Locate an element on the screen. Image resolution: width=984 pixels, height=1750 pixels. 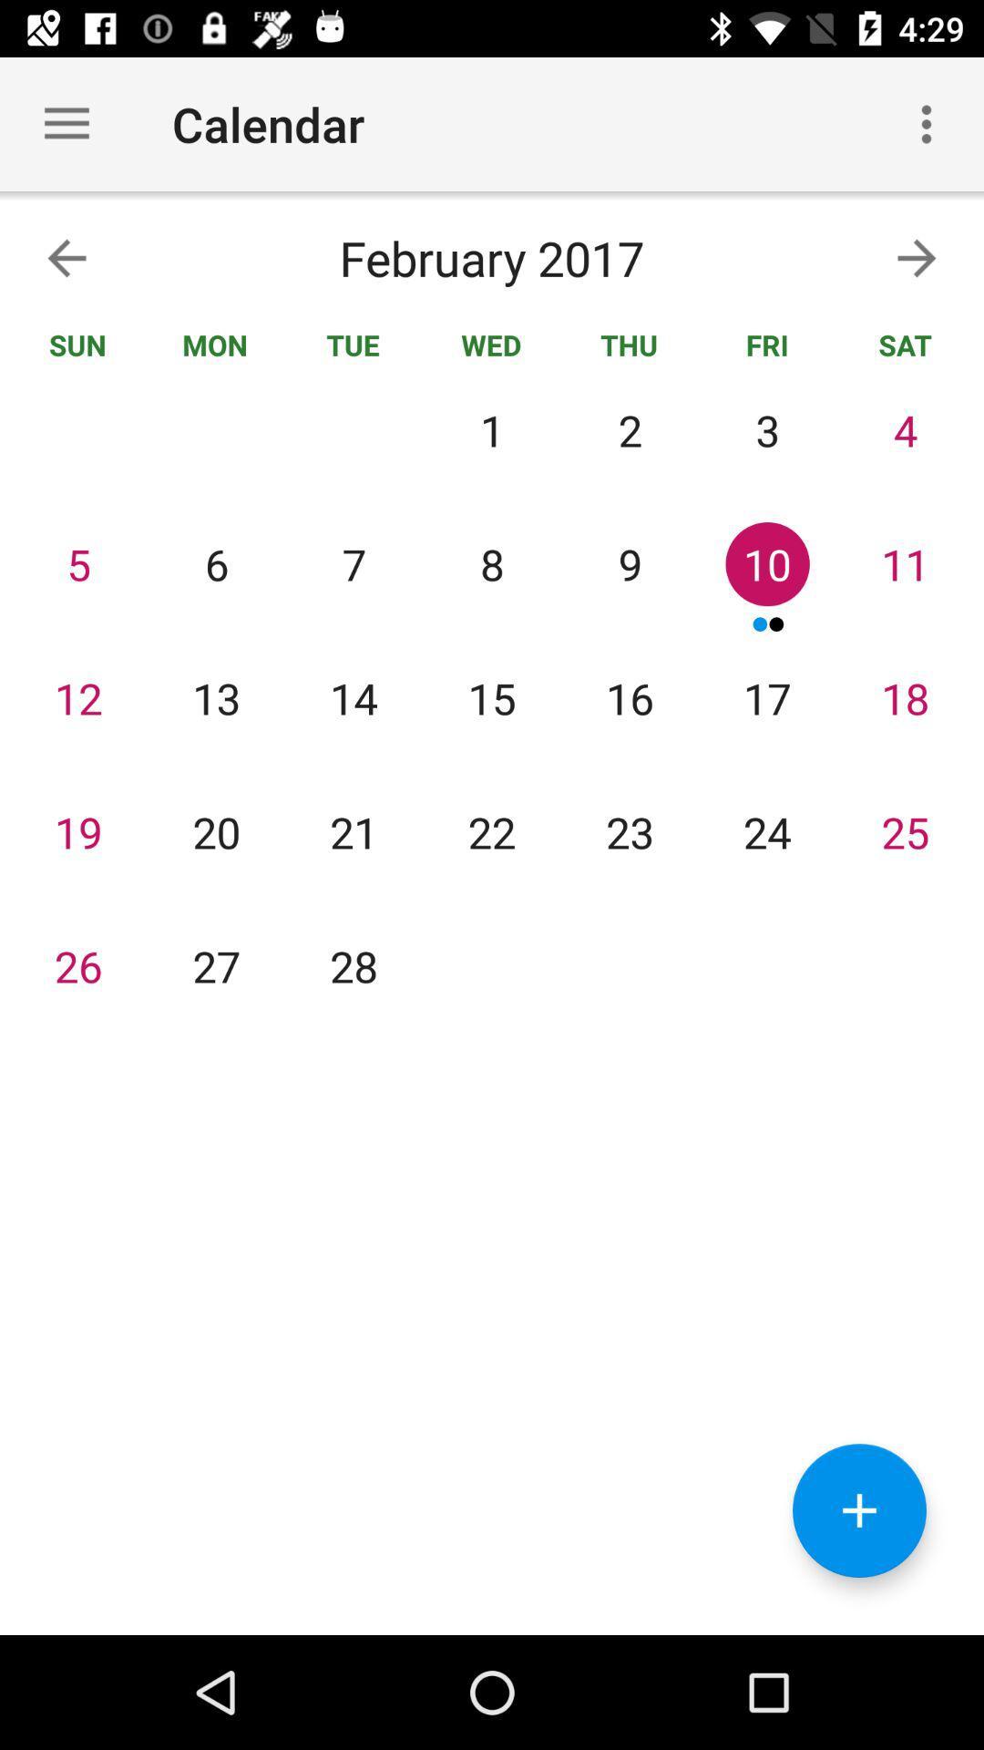
the item at the bottom right corner is located at coordinates (859, 1510).